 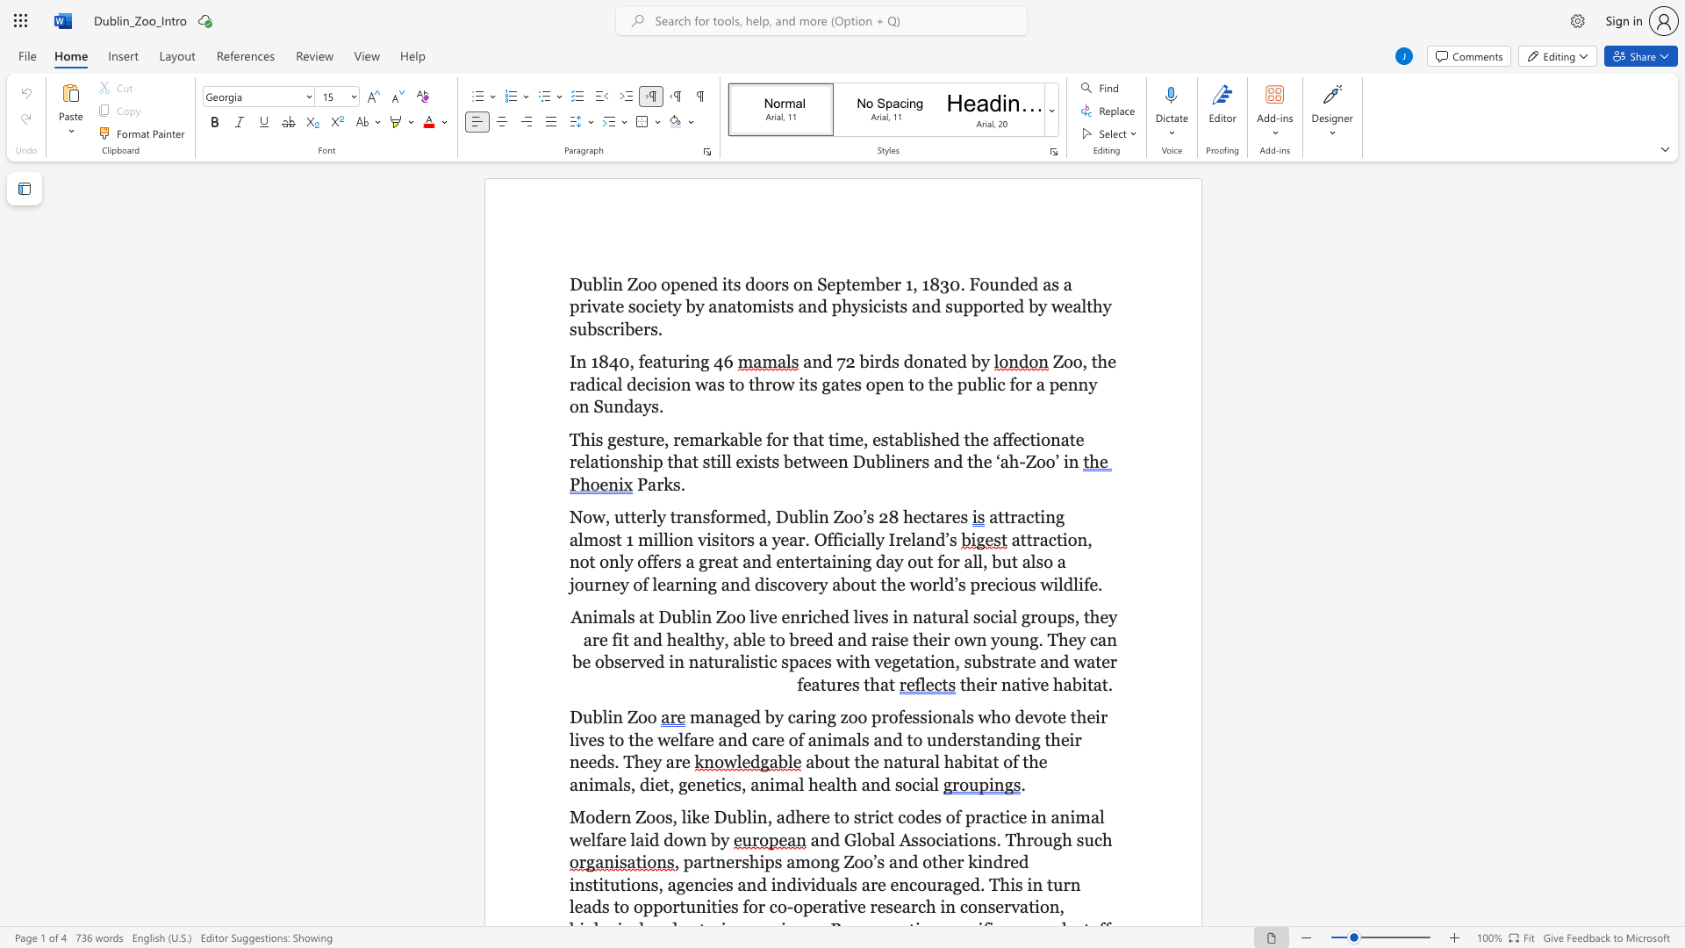 I want to click on the subset text "ubstrate and water features t" within the text "in naturalistic spaces with vegetation, substrate and water features that", so click(x=971, y=662).